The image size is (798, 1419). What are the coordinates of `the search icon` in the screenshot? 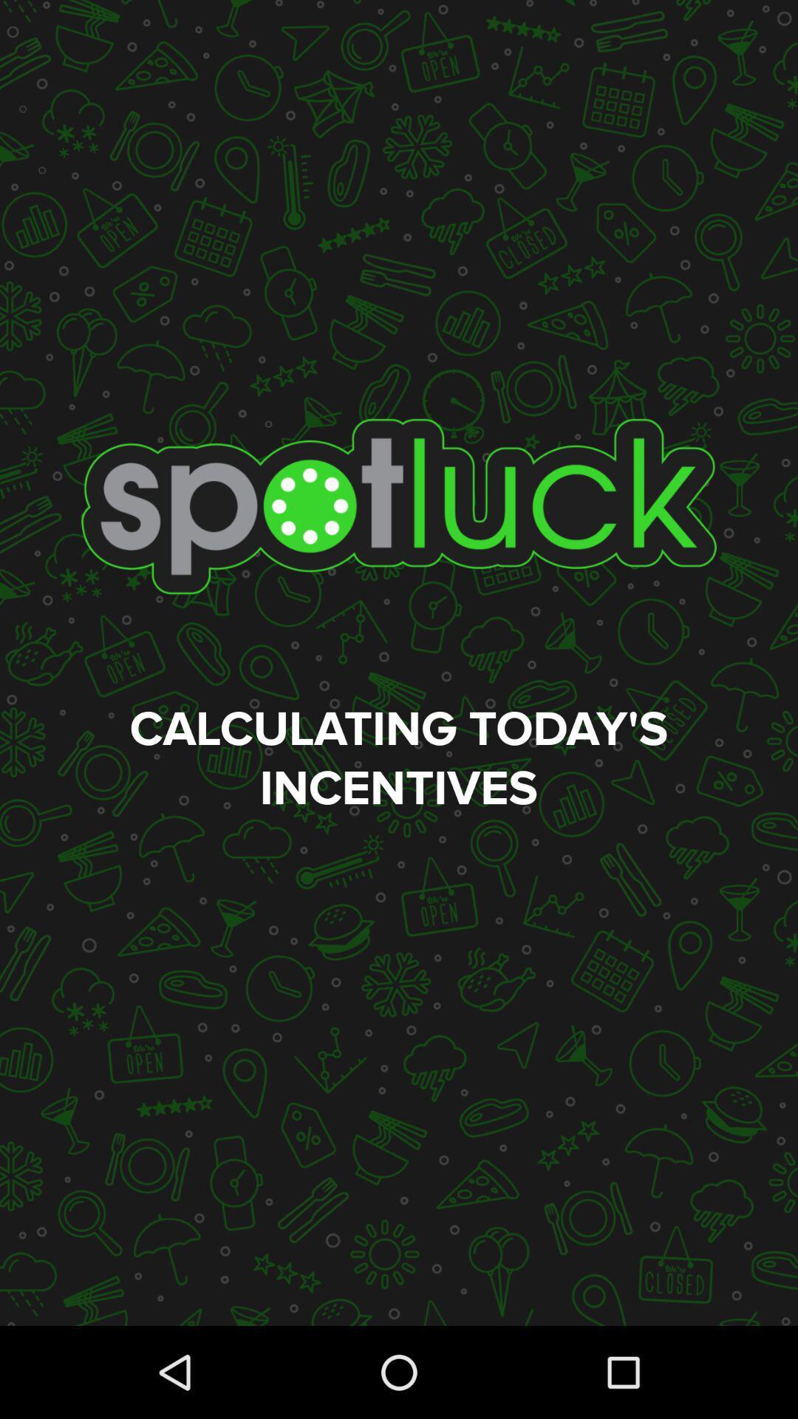 It's located at (737, 272).